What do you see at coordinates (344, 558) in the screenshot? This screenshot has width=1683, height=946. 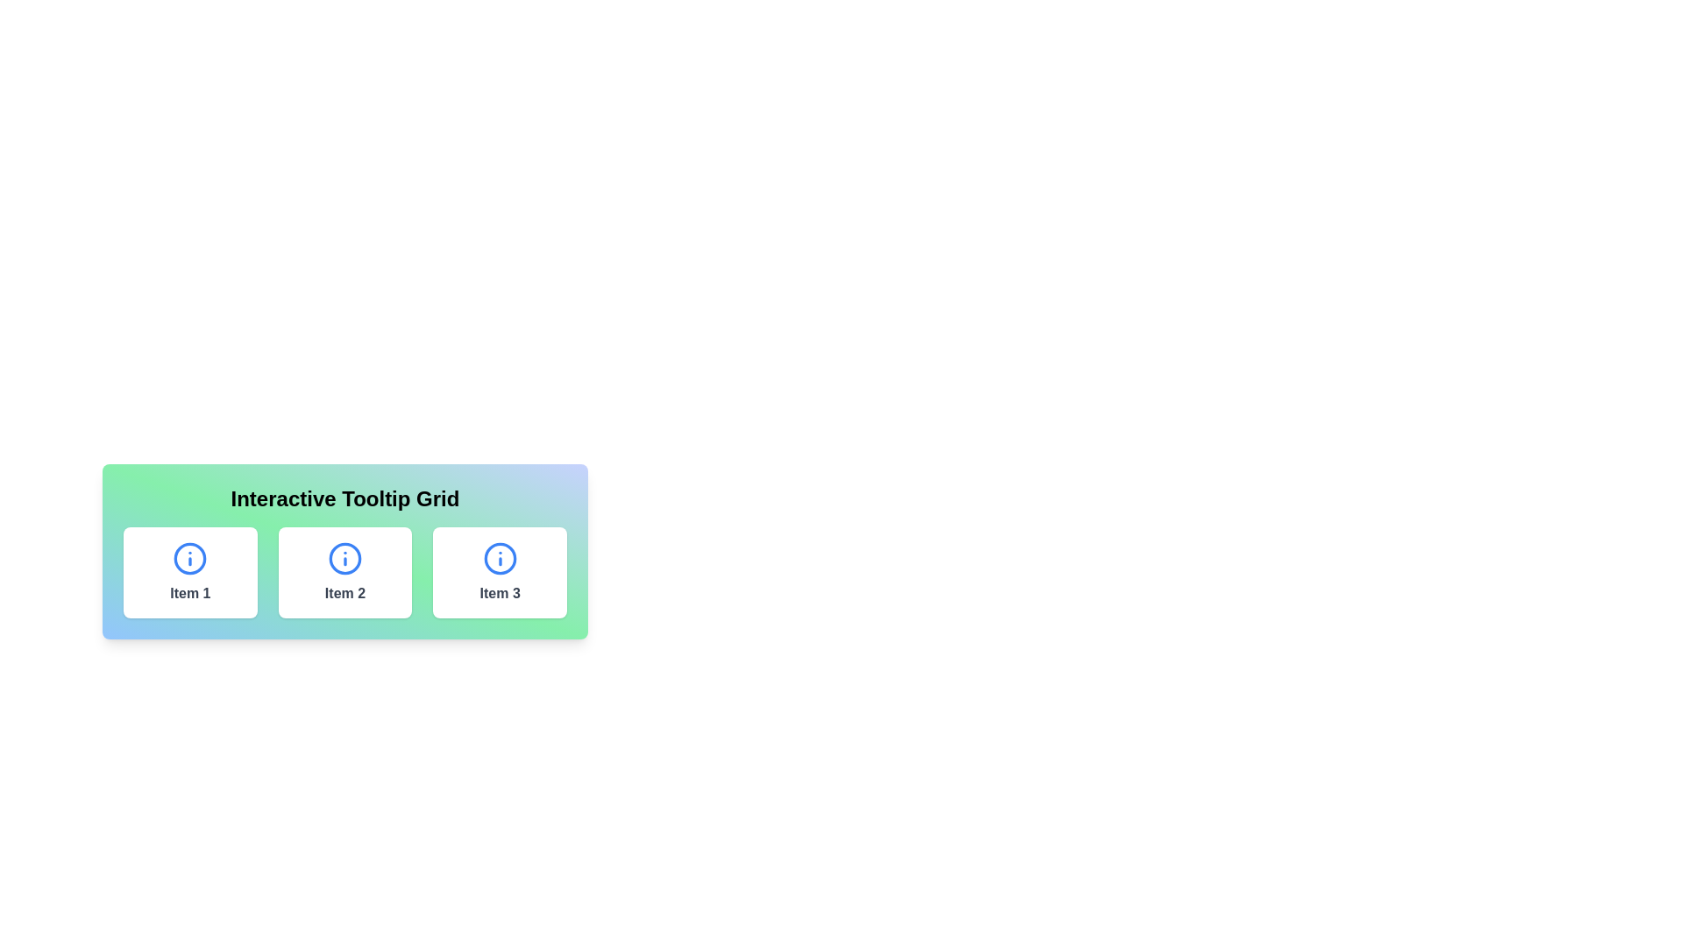 I see `the central circle icon labeled 'Item 2' in the tooltip grid interface` at bounding box center [344, 558].